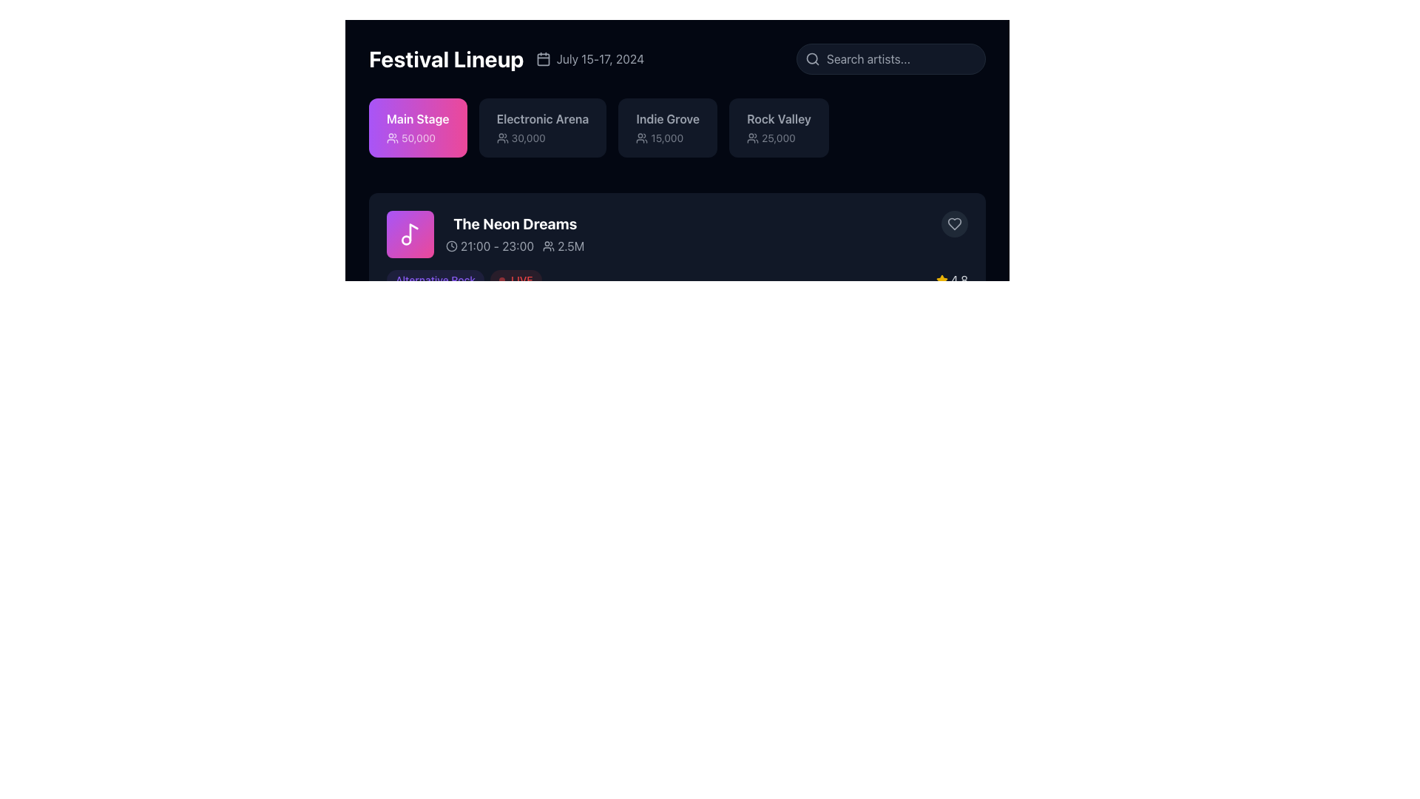 This screenshot has width=1420, height=799. Describe the element at coordinates (410, 233) in the screenshot. I see `the SVG icon that serves as a visual marker for the event titled 'The Neon Dreams', located inside a purple rounded rectangle to the left of the text content` at that location.